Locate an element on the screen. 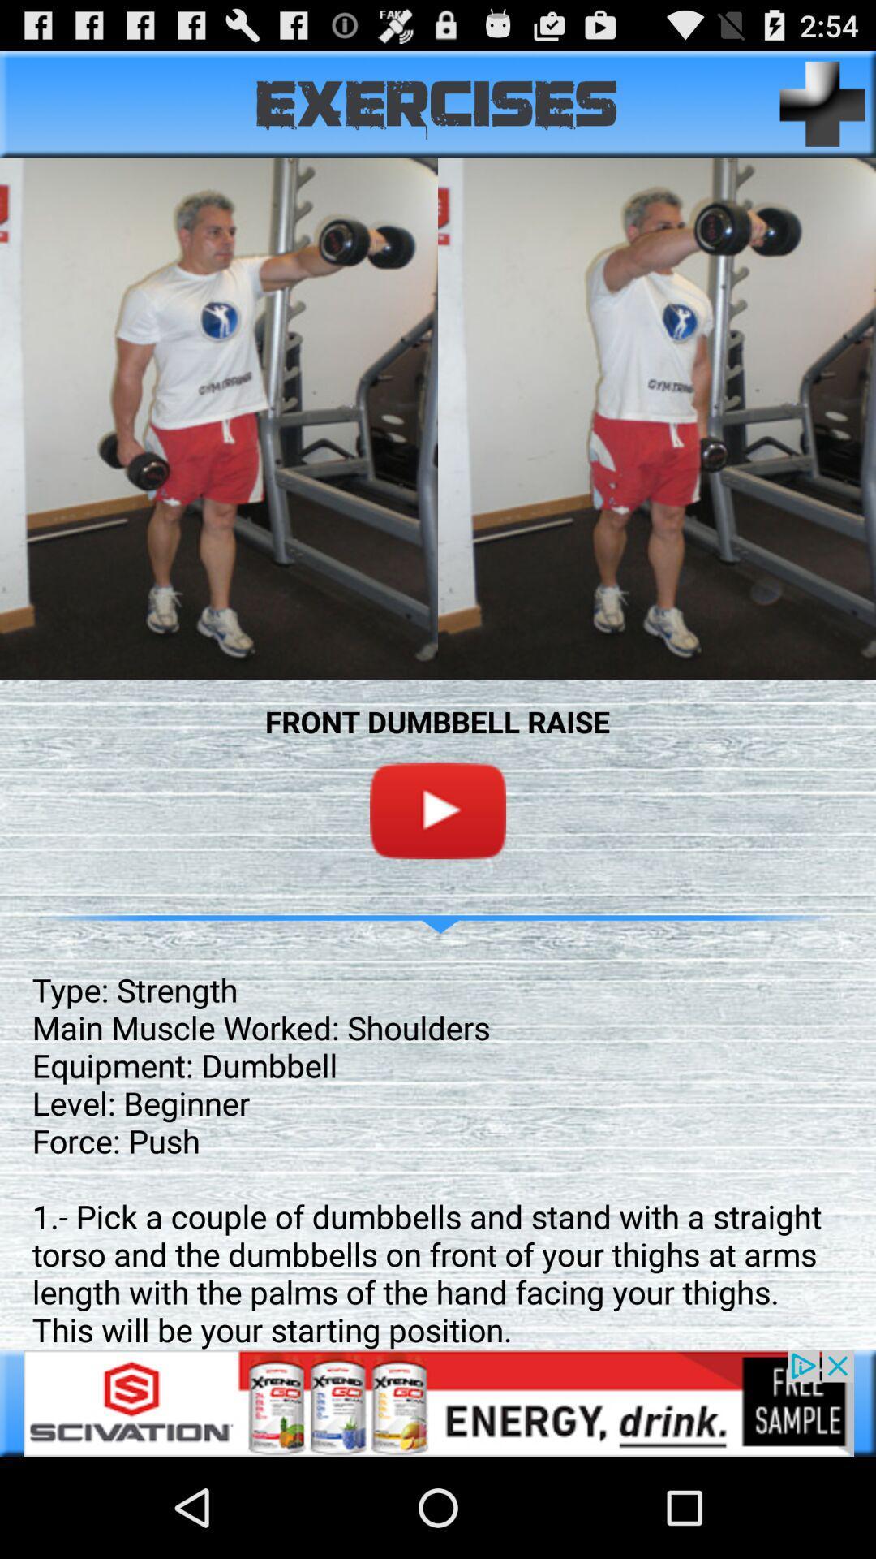 The width and height of the screenshot is (876, 1559). exercise to workout routine is located at coordinates (822, 103).